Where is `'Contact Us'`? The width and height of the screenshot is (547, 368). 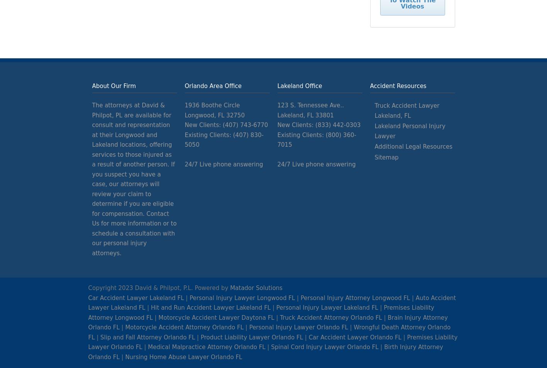
'Contact Us' is located at coordinates (130, 218).